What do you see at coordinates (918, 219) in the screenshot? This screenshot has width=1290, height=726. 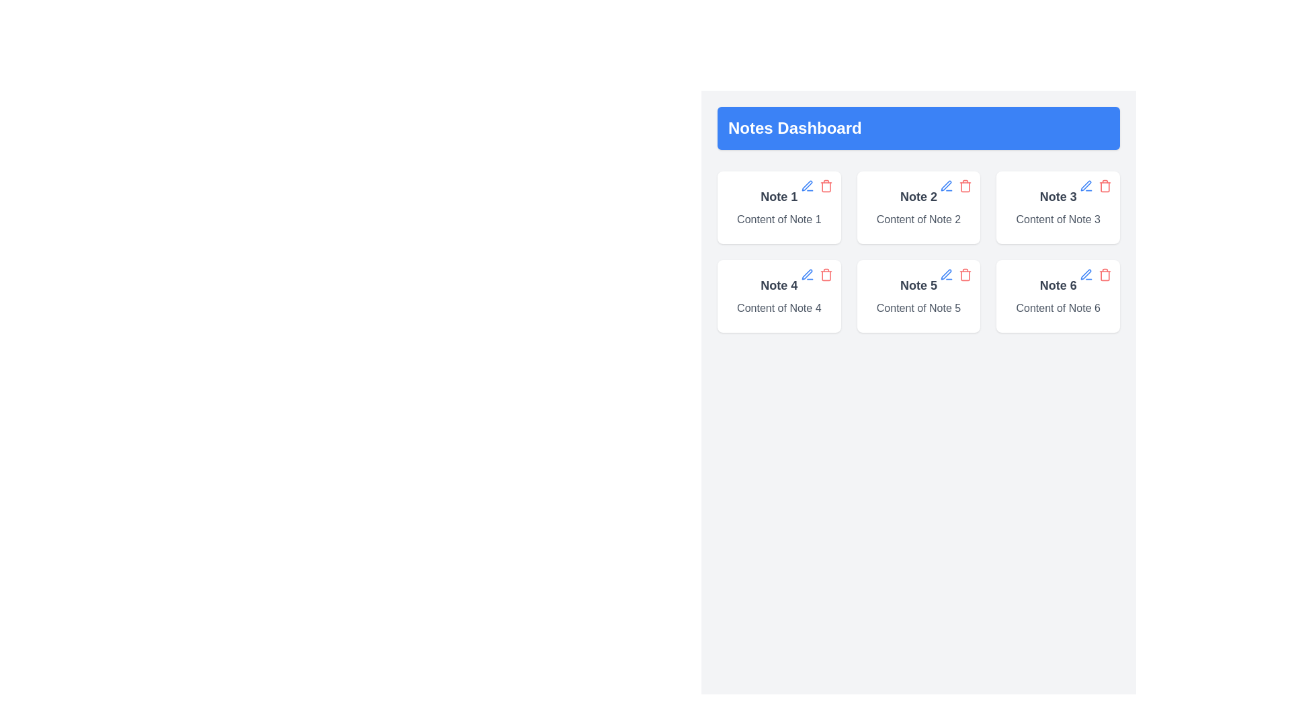 I see `the informational text label displaying the details of 'Note 2', which is located in the second card of the notes grid, positioned below the title 'Note 2'` at bounding box center [918, 219].